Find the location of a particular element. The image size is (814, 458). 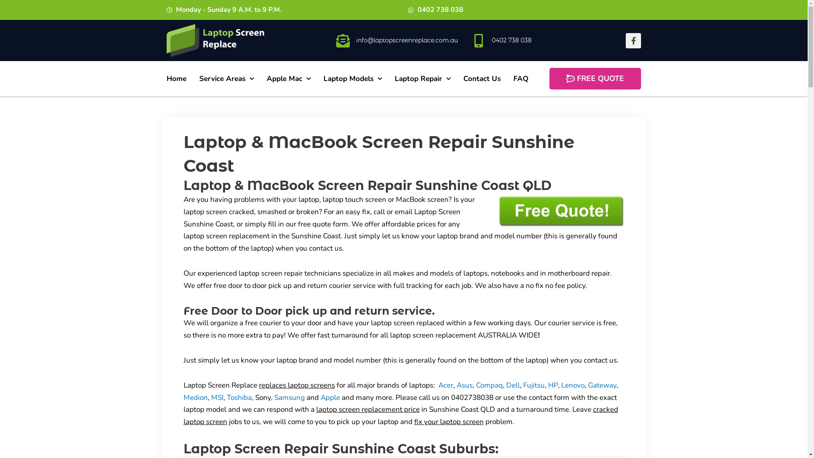

'Lenovo' is located at coordinates (573, 385).